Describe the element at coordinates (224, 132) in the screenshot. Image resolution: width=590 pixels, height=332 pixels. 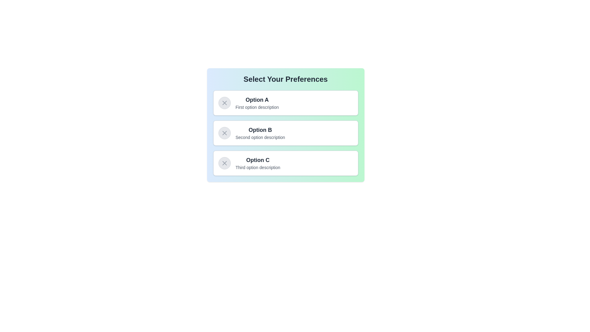
I see `the dismiss button with a cross icon located to the left of the 'Option B' text label in the second row of the vertically stacked card interface` at that location.